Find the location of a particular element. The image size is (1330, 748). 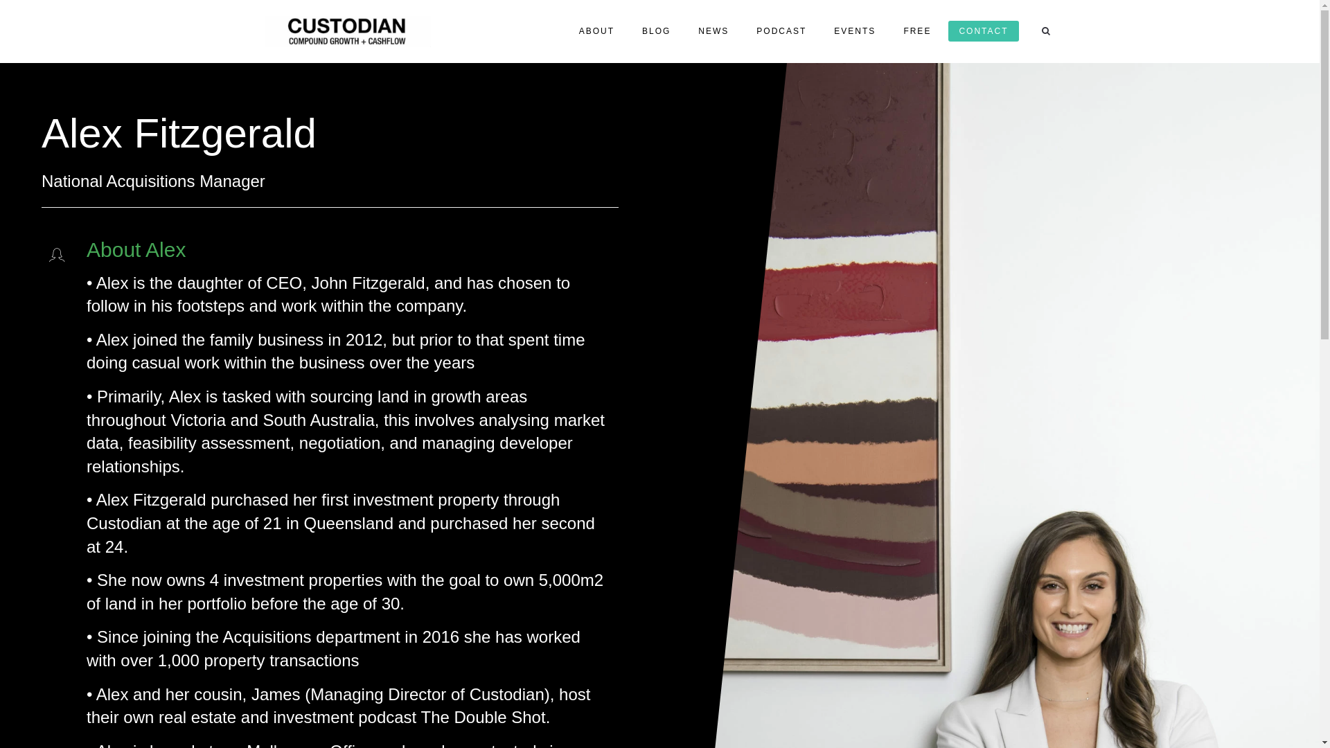

'FREE' is located at coordinates (893, 31).